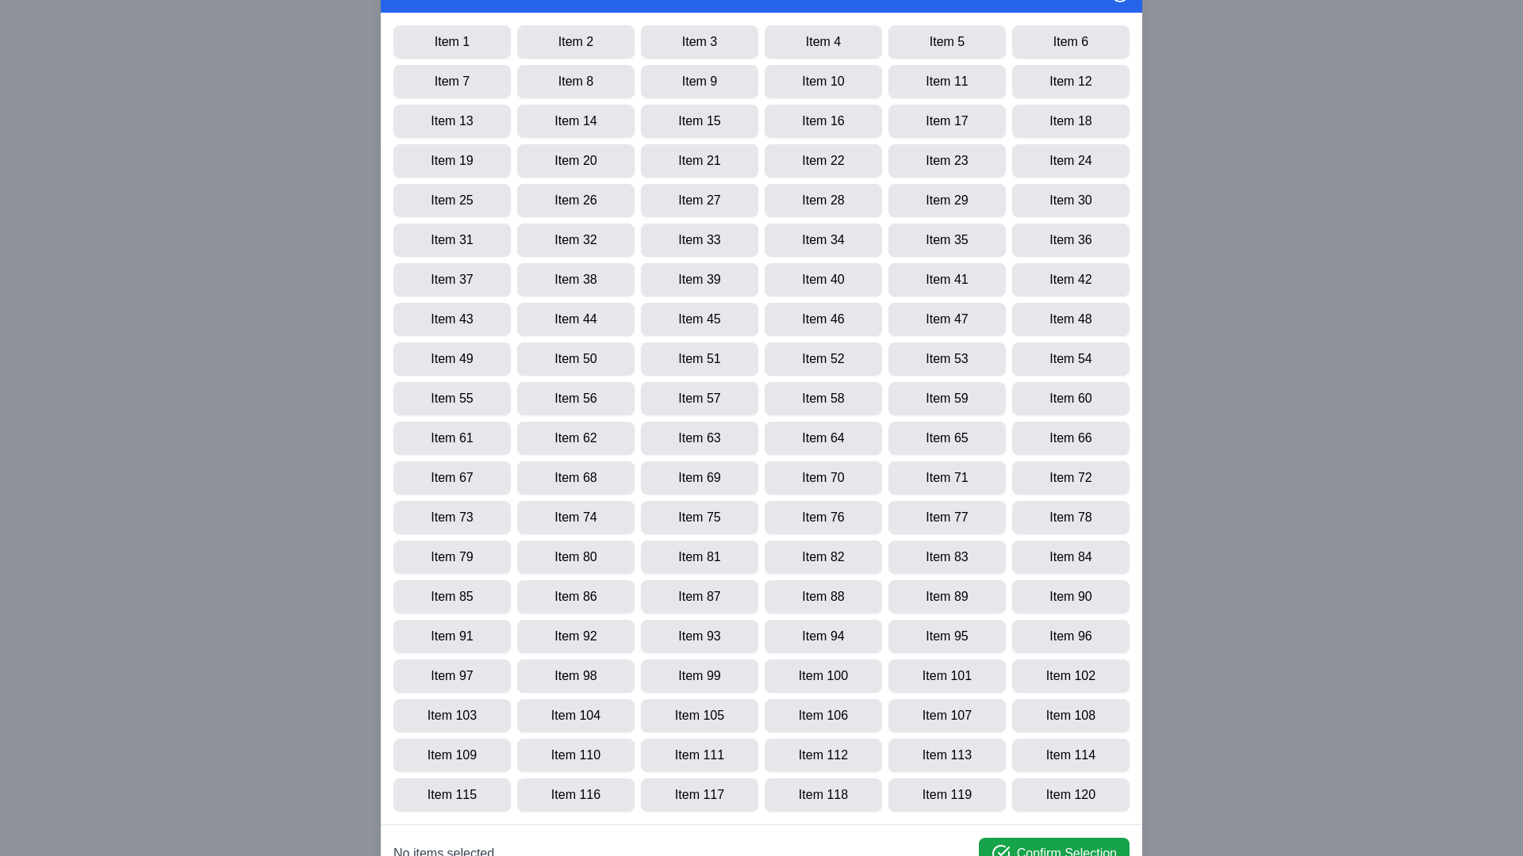 This screenshot has height=856, width=1523. I want to click on the text displaying the selection count located at the bottom of the dialog, so click(443, 852).